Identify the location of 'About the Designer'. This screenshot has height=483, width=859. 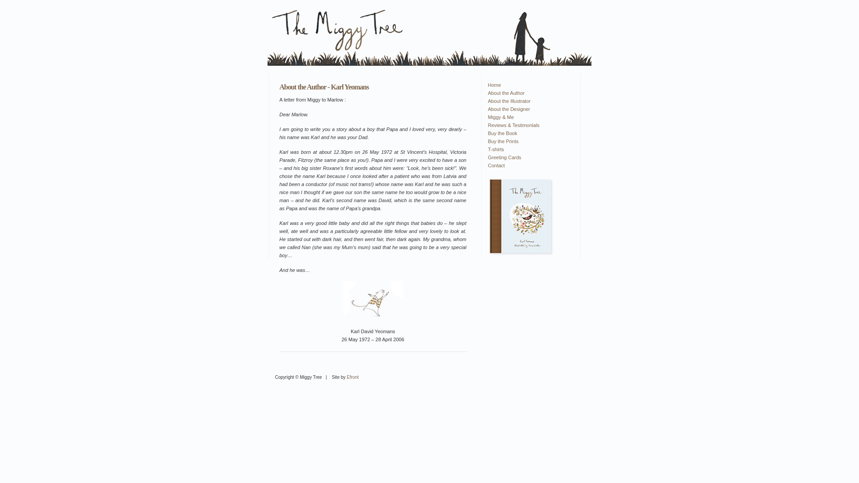
(528, 108).